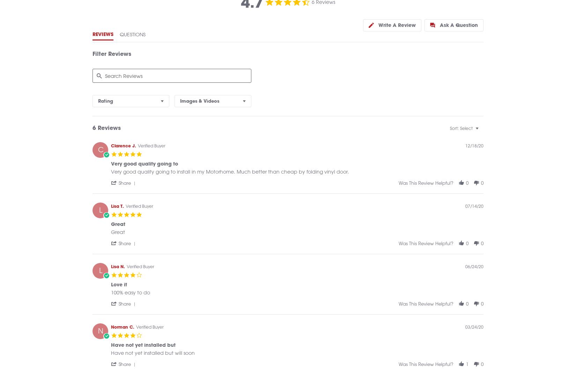 Image resolution: width=576 pixels, height=374 pixels. Describe the element at coordinates (118, 274) in the screenshot. I see `'Lisa N.'` at that location.